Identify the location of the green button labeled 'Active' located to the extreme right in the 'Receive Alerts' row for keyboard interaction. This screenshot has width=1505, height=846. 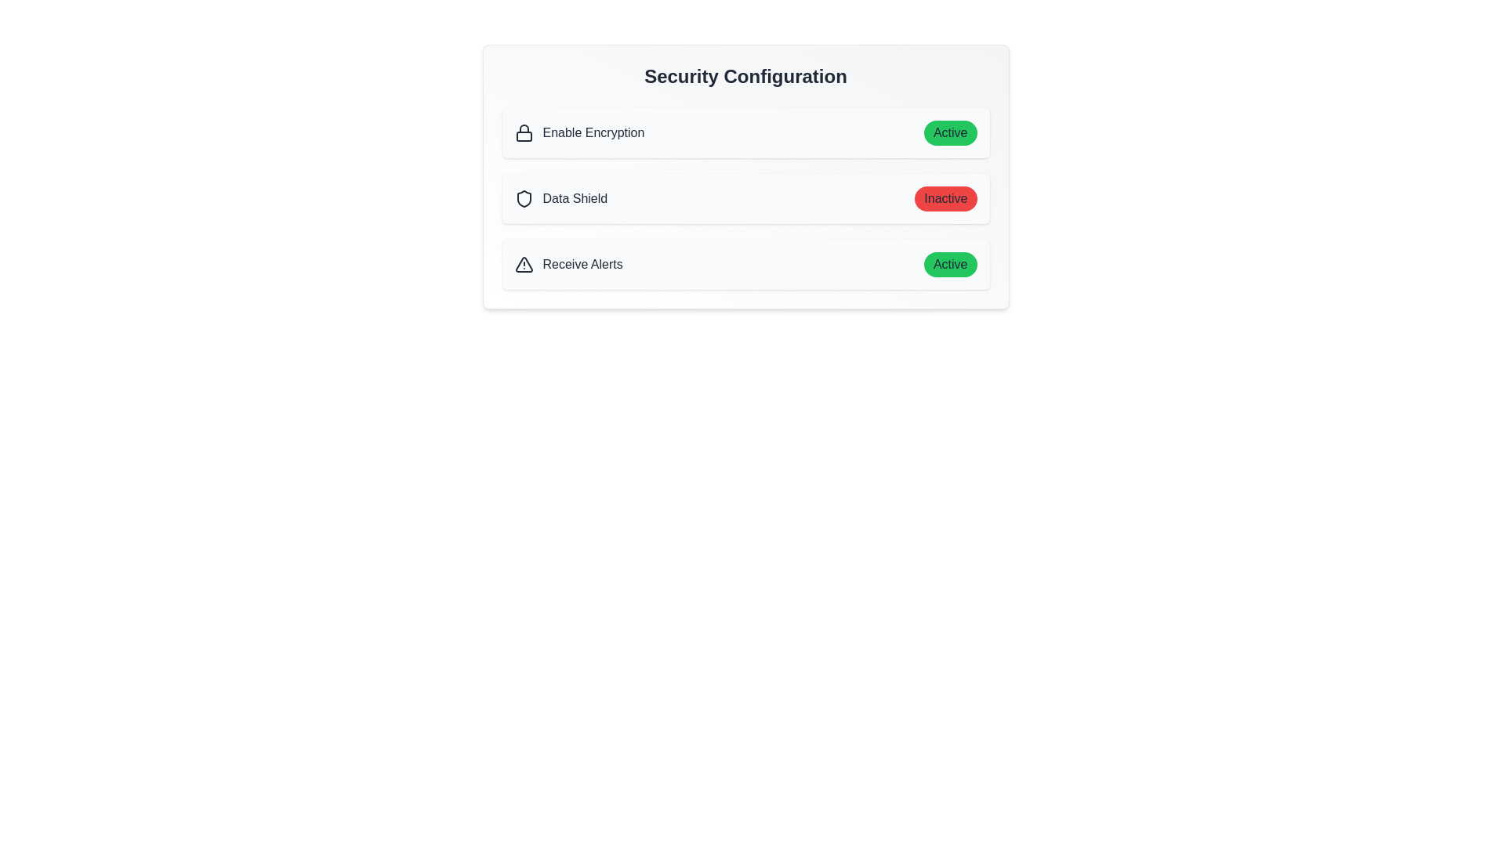
(949, 264).